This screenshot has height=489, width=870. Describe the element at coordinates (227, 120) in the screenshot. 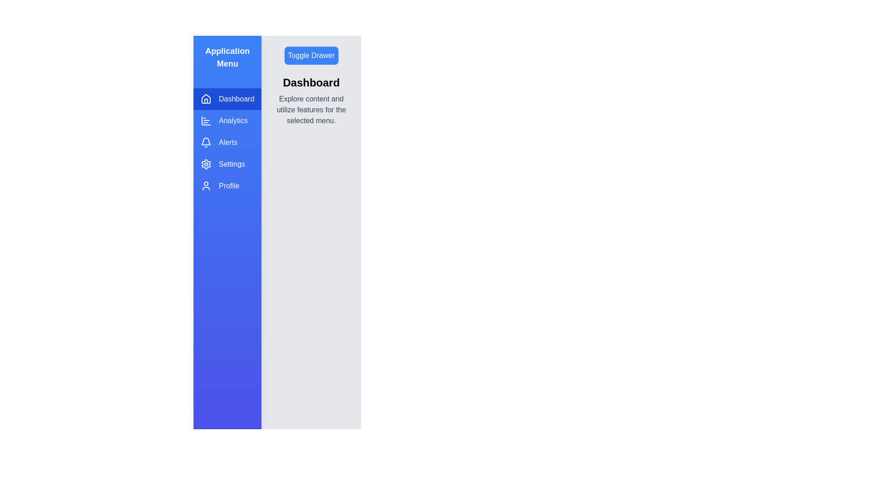

I see `the menu item Analytics from the drawer to switch to the corresponding section` at that location.